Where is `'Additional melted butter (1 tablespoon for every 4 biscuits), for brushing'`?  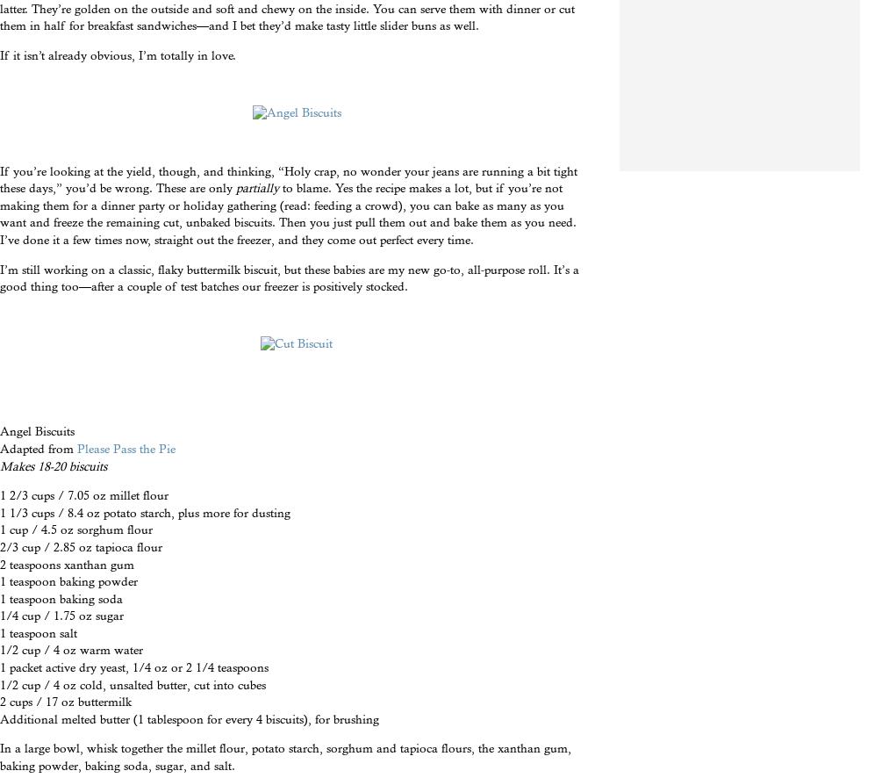
'Additional melted butter (1 tablespoon for every 4 biscuits), for brushing' is located at coordinates (188, 717).